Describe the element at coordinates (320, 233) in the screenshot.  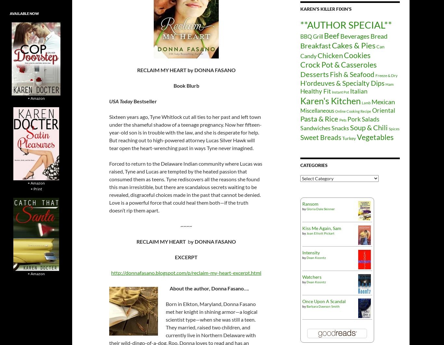
I see `'Joan Elliott Pickart'` at that location.